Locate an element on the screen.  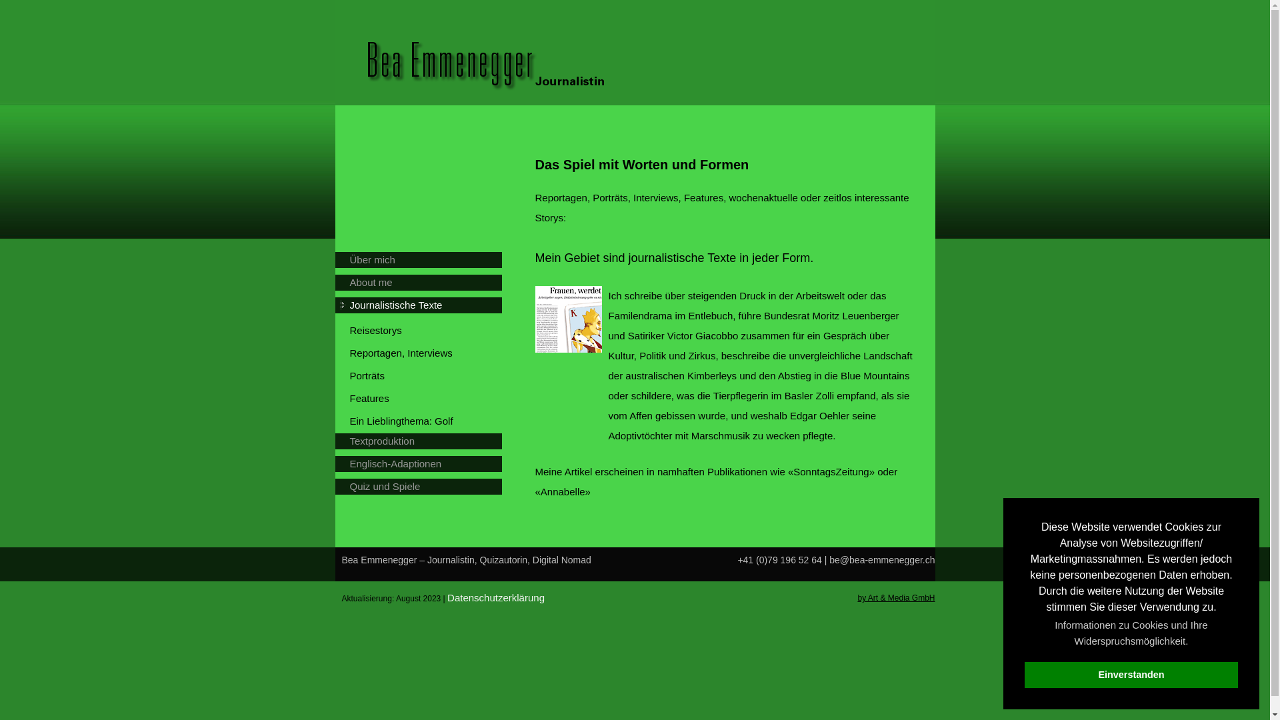
'Ein Lieblingthema: Golf' is located at coordinates (425, 421).